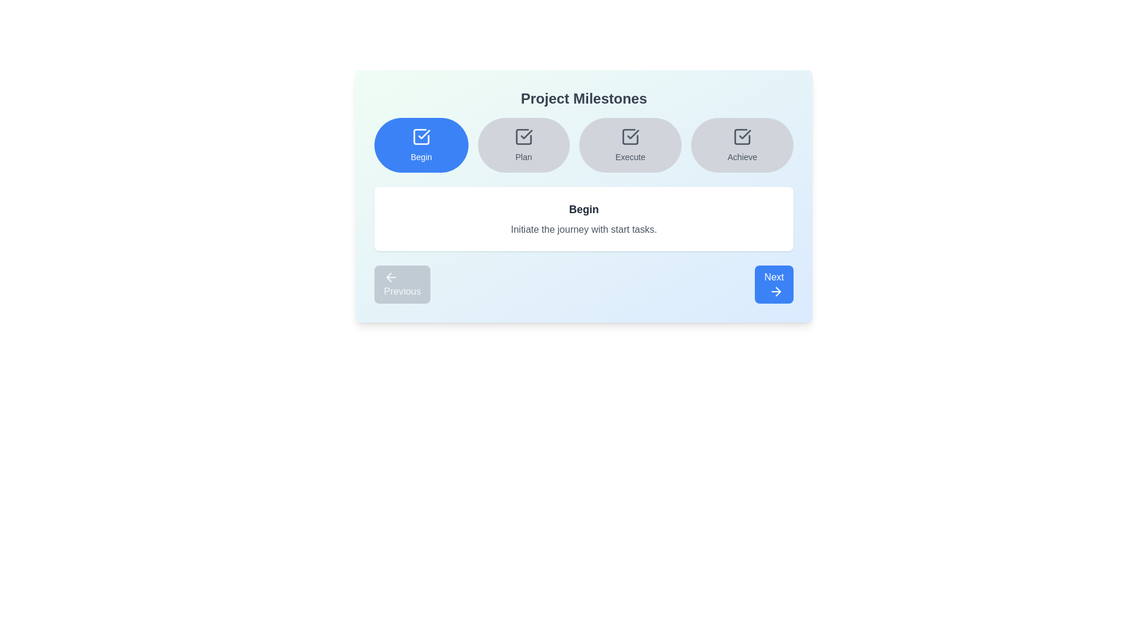 The height and width of the screenshot is (643, 1143). I want to click on the button located at the bottom-right corner of the panel, which contains the text 'Next' and has an icon to its left, so click(776, 291).